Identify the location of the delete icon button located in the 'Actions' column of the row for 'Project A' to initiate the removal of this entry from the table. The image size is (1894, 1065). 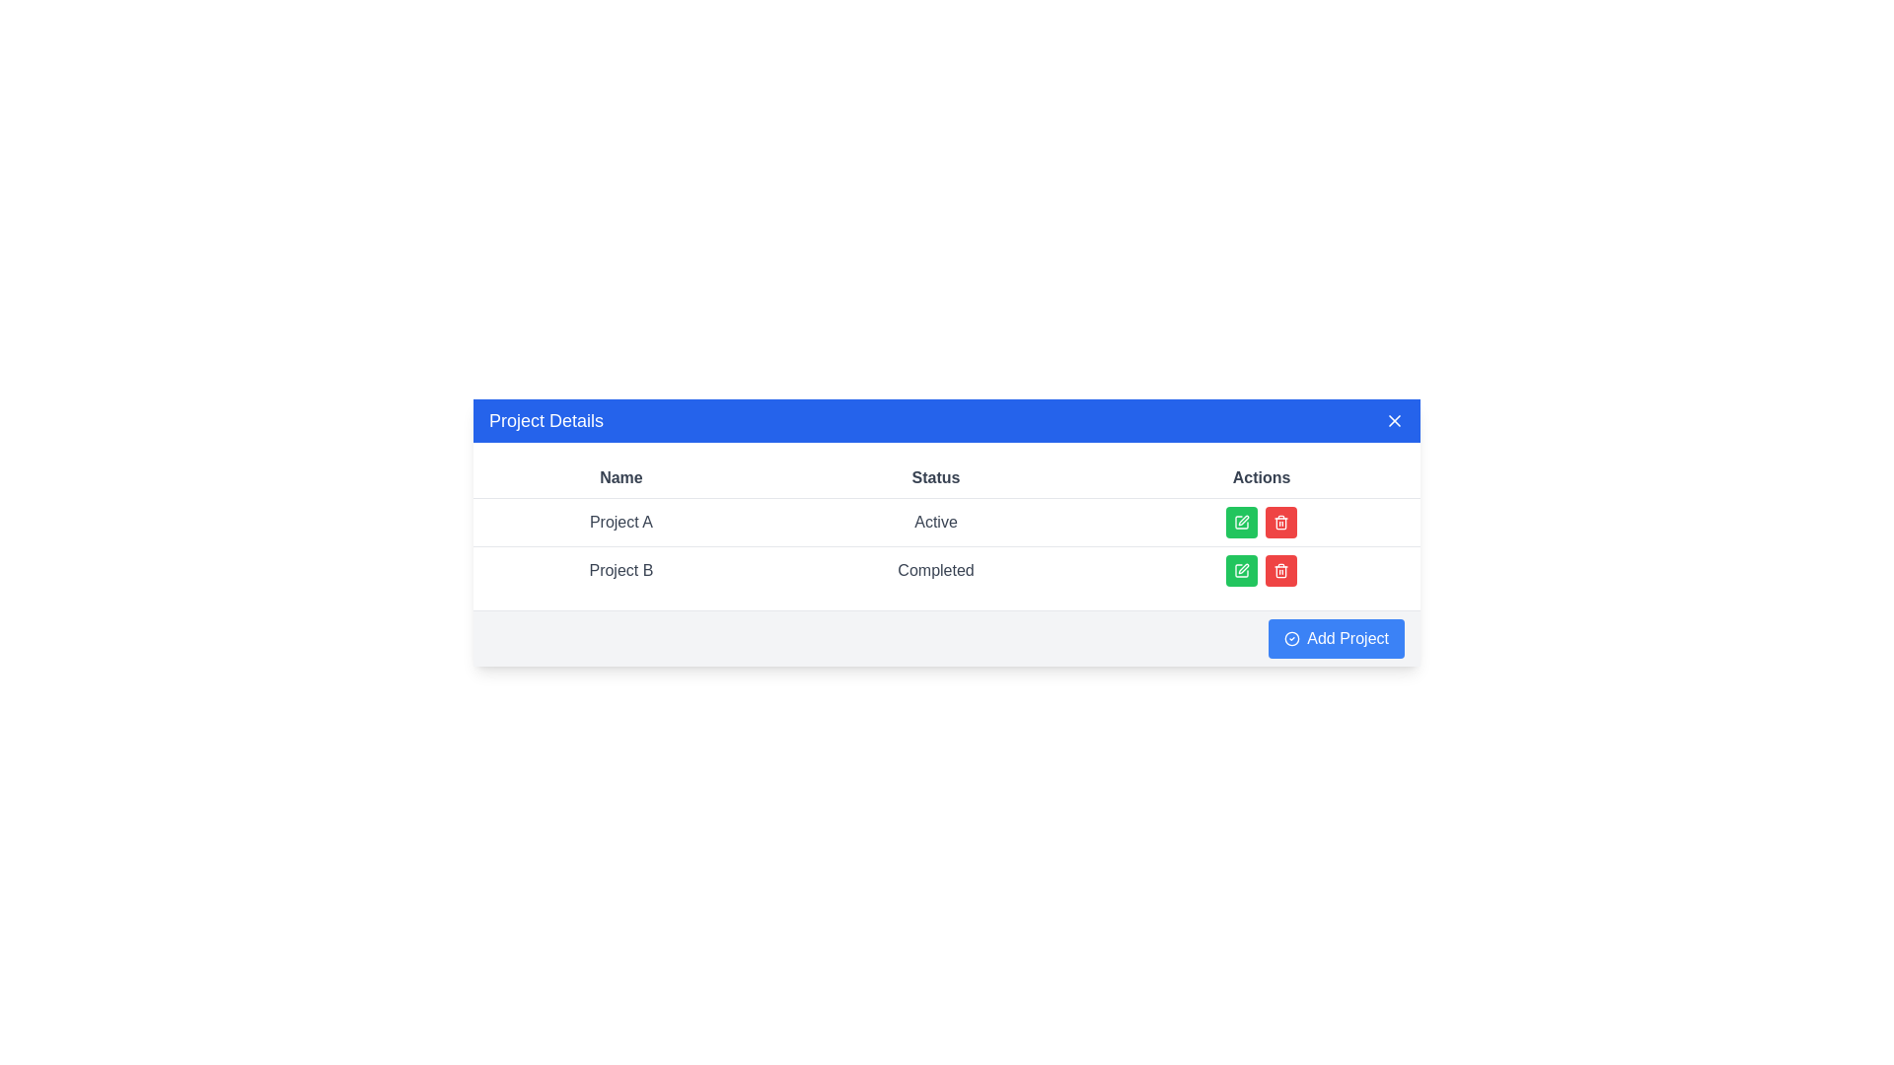
(1281, 571).